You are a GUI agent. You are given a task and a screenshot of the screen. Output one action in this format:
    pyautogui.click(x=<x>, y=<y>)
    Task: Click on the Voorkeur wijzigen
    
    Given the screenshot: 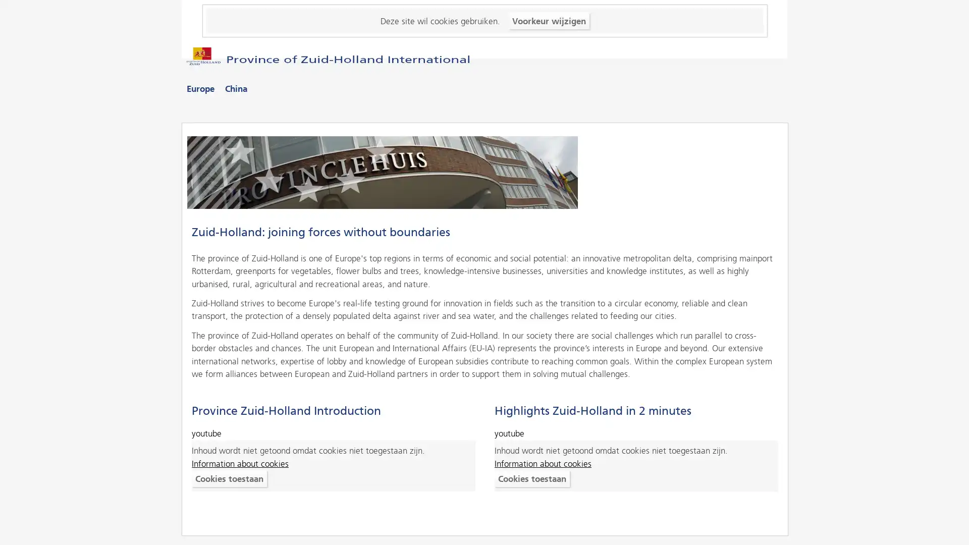 What is the action you would take?
    pyautogui.click(x=548, y=20)
    